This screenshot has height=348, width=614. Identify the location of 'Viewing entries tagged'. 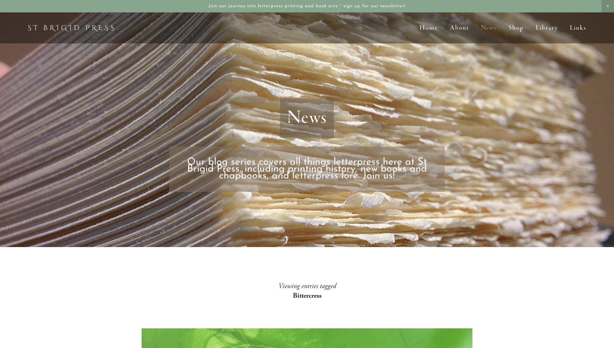
(306, 286).